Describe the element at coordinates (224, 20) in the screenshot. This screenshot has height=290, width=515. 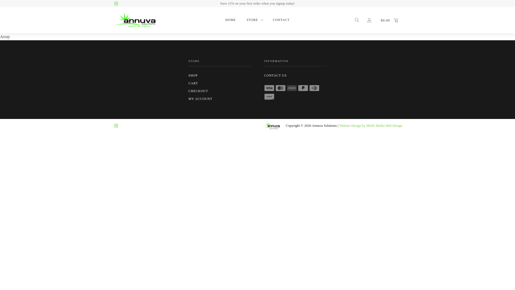
I see `'HOME'` at that location.